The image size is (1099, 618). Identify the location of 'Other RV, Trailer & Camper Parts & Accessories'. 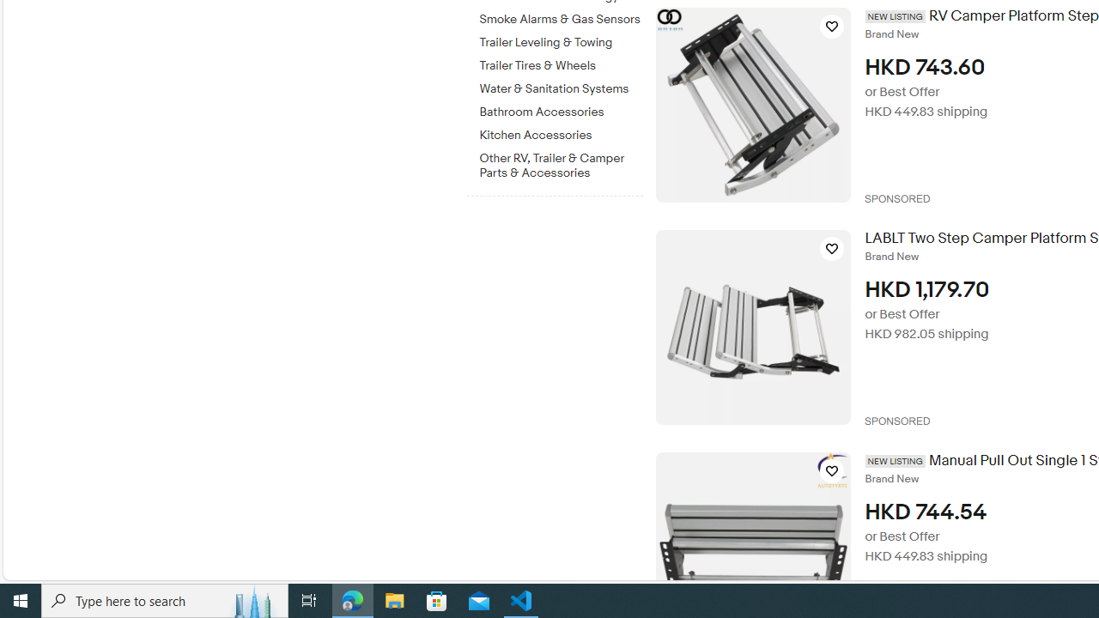
(561, 166).